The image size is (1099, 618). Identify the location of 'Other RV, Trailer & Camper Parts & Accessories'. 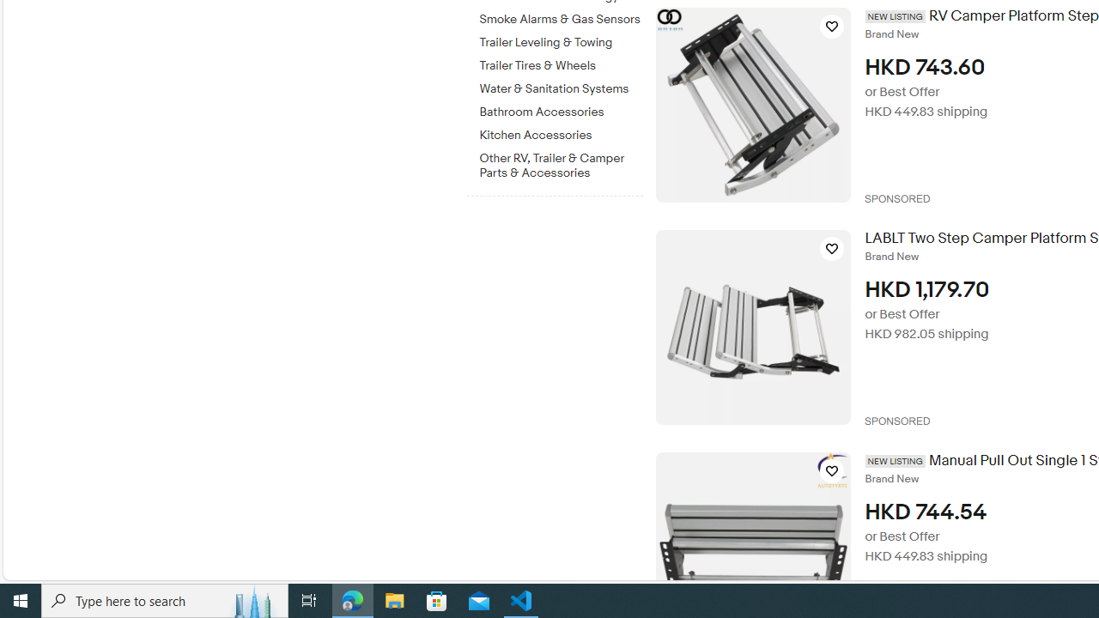
(561, 166).